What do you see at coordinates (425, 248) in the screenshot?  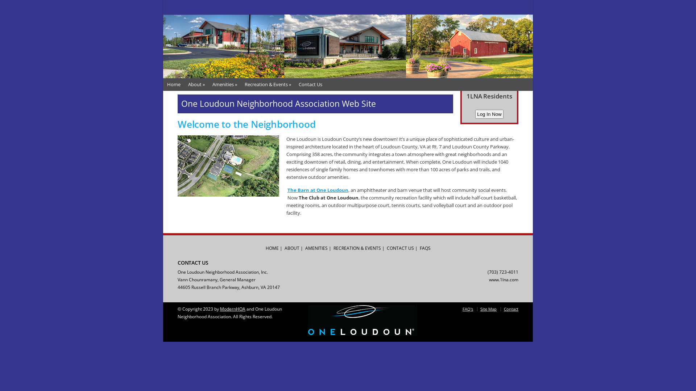 I see `'FAQS'` at bounding box center [425, 248].